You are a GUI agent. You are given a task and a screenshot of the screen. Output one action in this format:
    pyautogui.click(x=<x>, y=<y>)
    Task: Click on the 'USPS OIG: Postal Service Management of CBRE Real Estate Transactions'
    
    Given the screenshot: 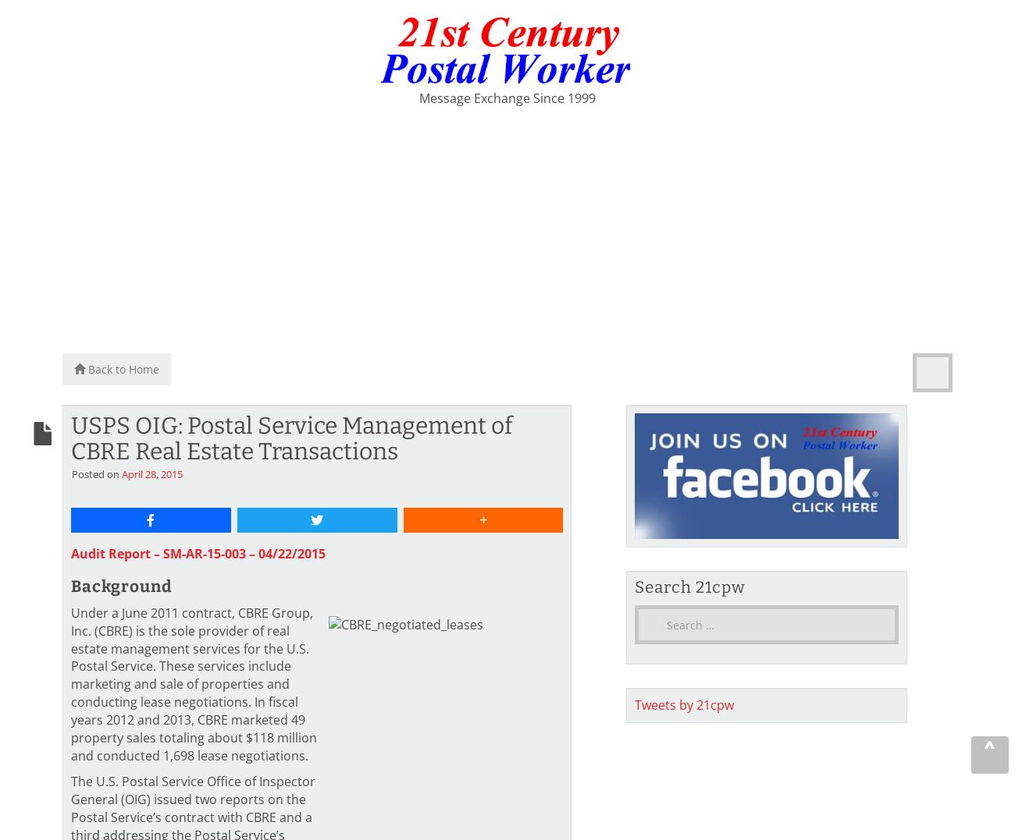 What is the action you would take?
    pyautogui.click(x=290, y=438)
    